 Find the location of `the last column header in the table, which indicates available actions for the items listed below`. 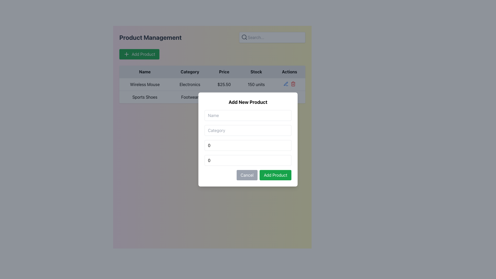

the last column header in the table, which indicates available actions for the items listed below is located at coordinates (289, 72).